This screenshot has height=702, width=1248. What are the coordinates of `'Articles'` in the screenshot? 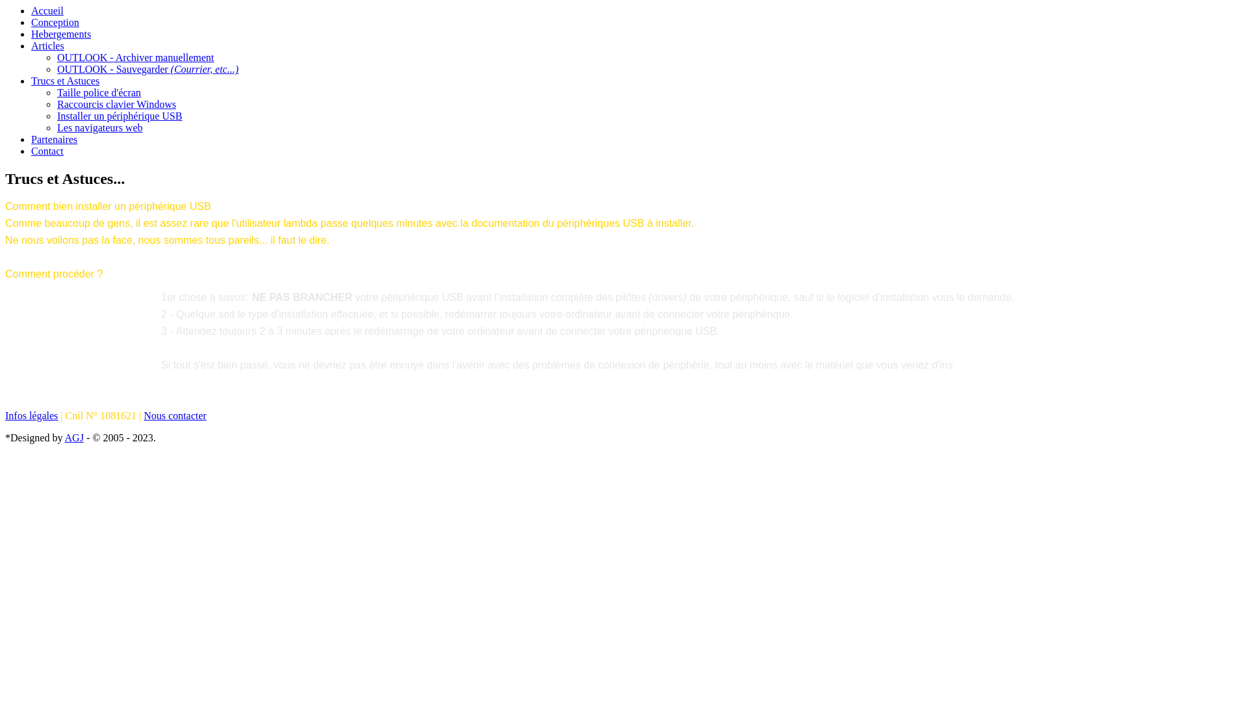 It's located at (47, 45).